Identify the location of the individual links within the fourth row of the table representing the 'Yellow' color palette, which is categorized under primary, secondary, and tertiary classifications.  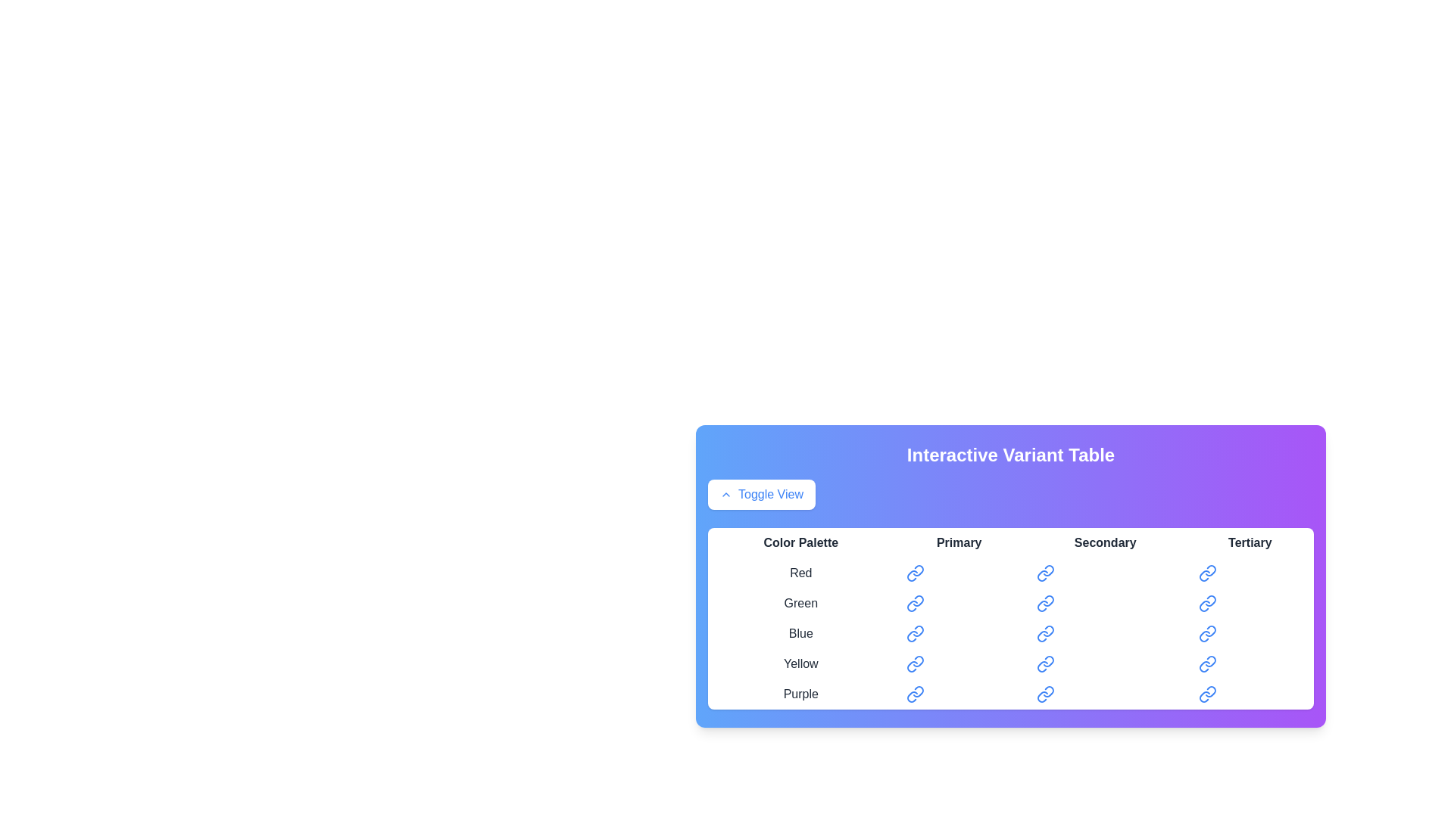
(1010, 663).